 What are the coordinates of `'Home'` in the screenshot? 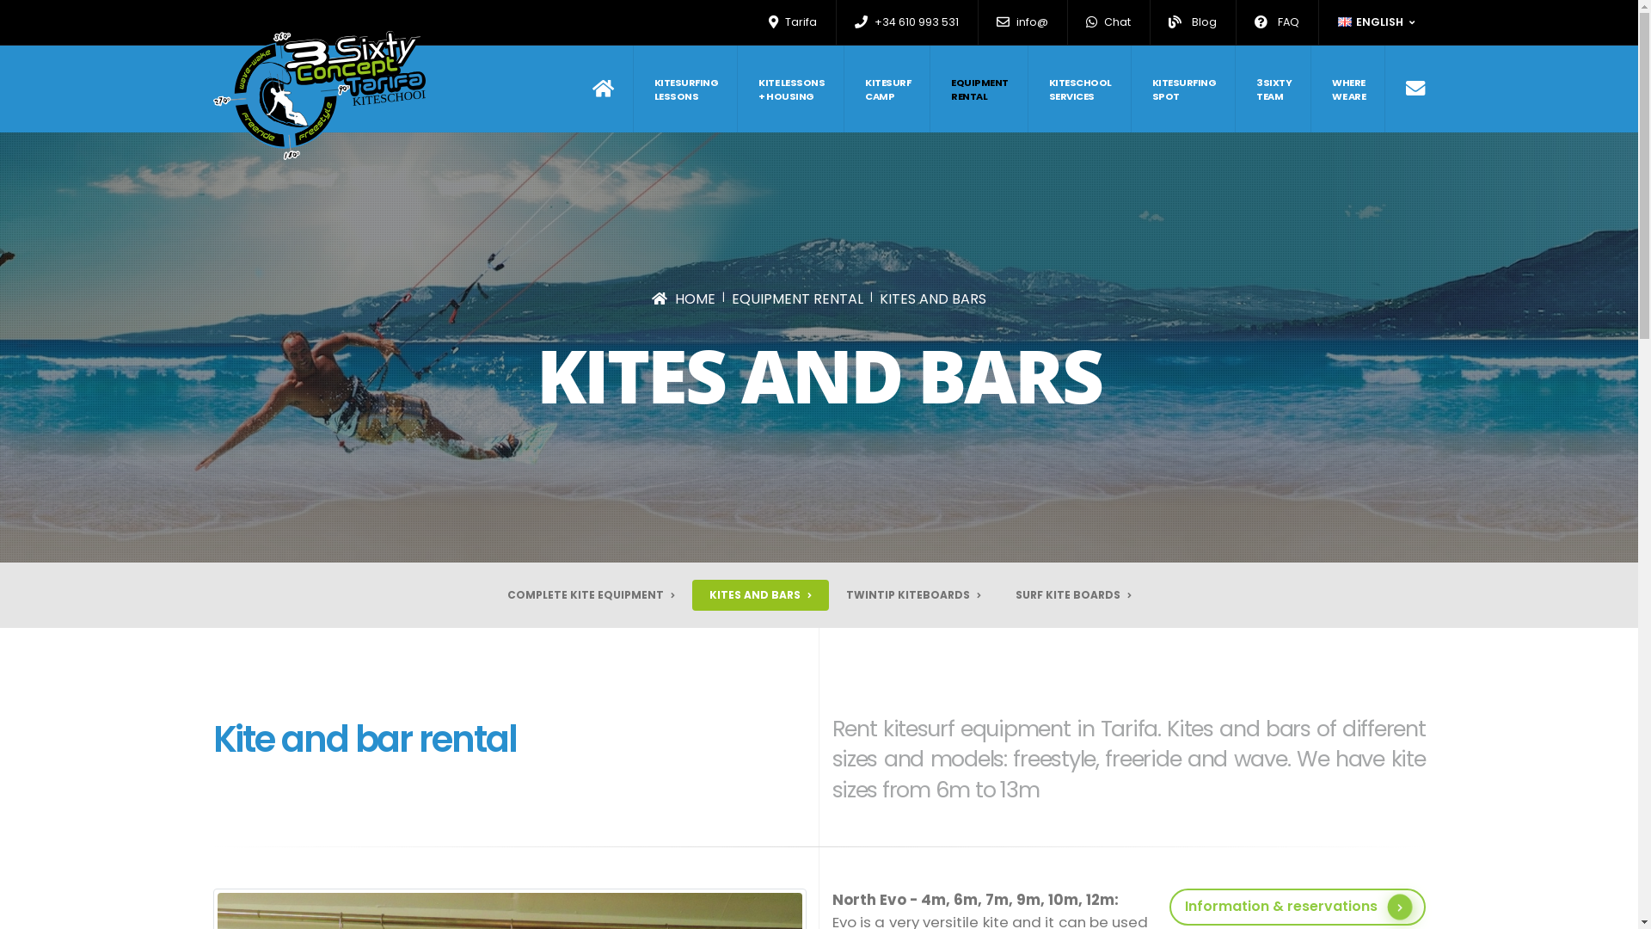 It's located at (592, 89).